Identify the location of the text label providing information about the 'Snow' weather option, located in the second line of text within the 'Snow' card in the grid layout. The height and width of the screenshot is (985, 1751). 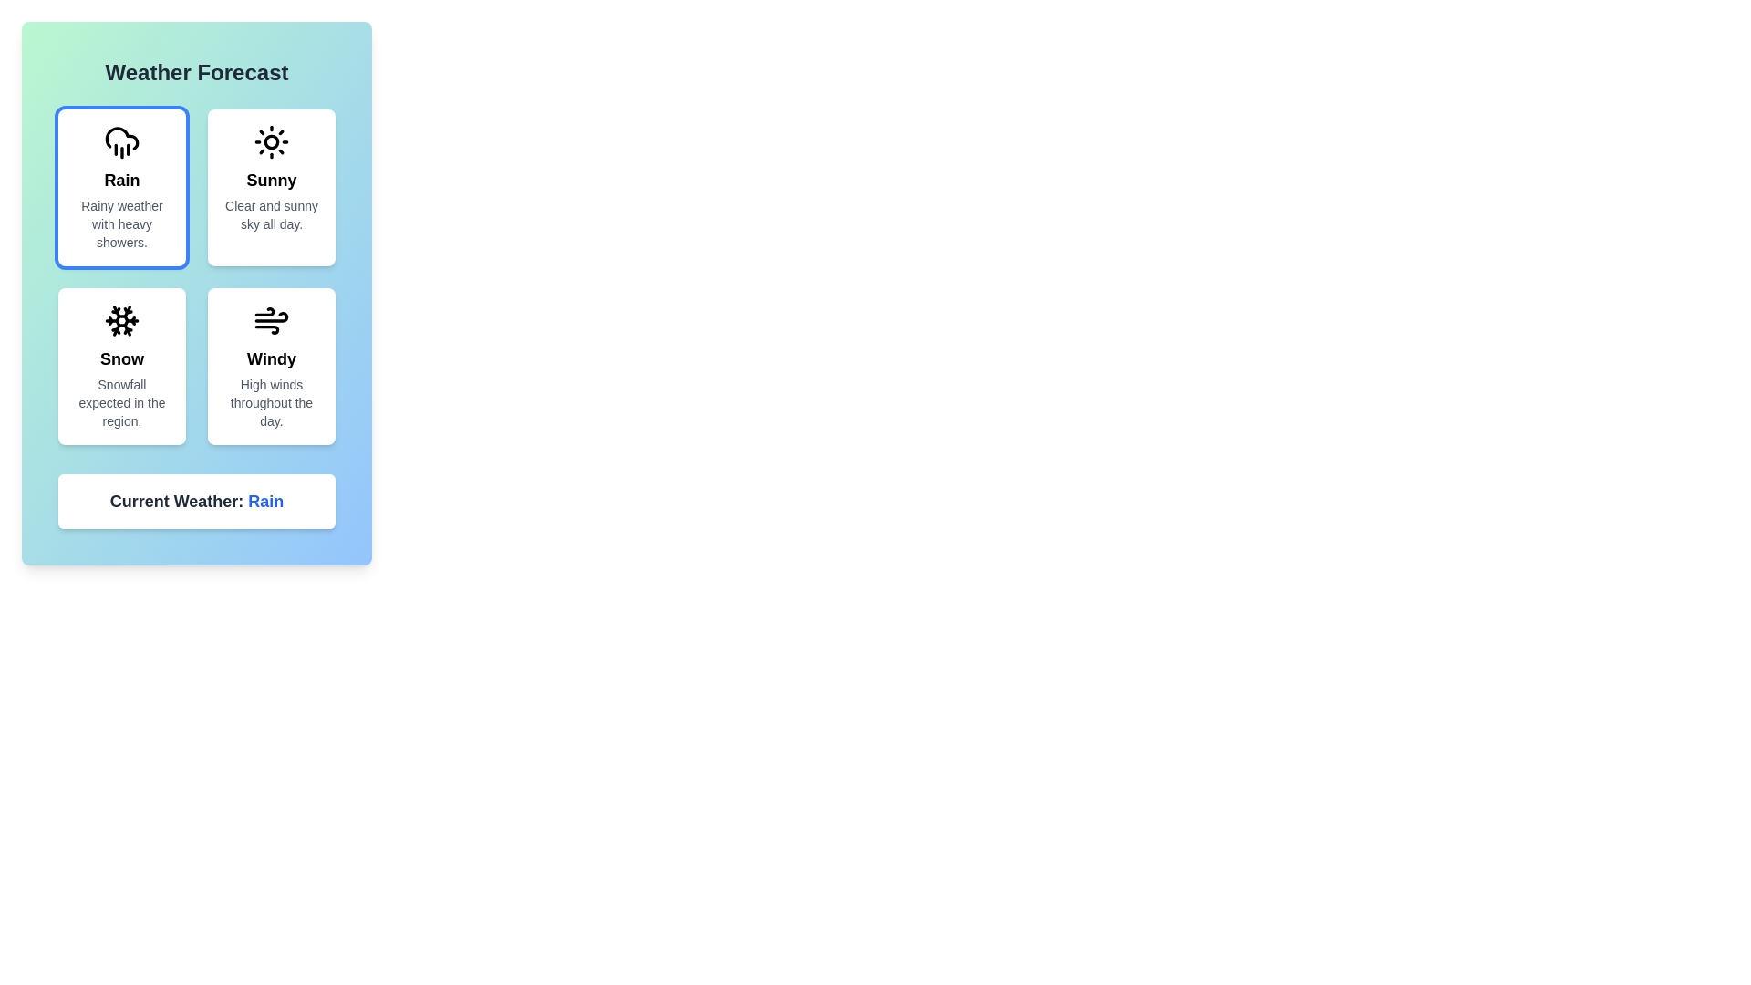
(121, 402).